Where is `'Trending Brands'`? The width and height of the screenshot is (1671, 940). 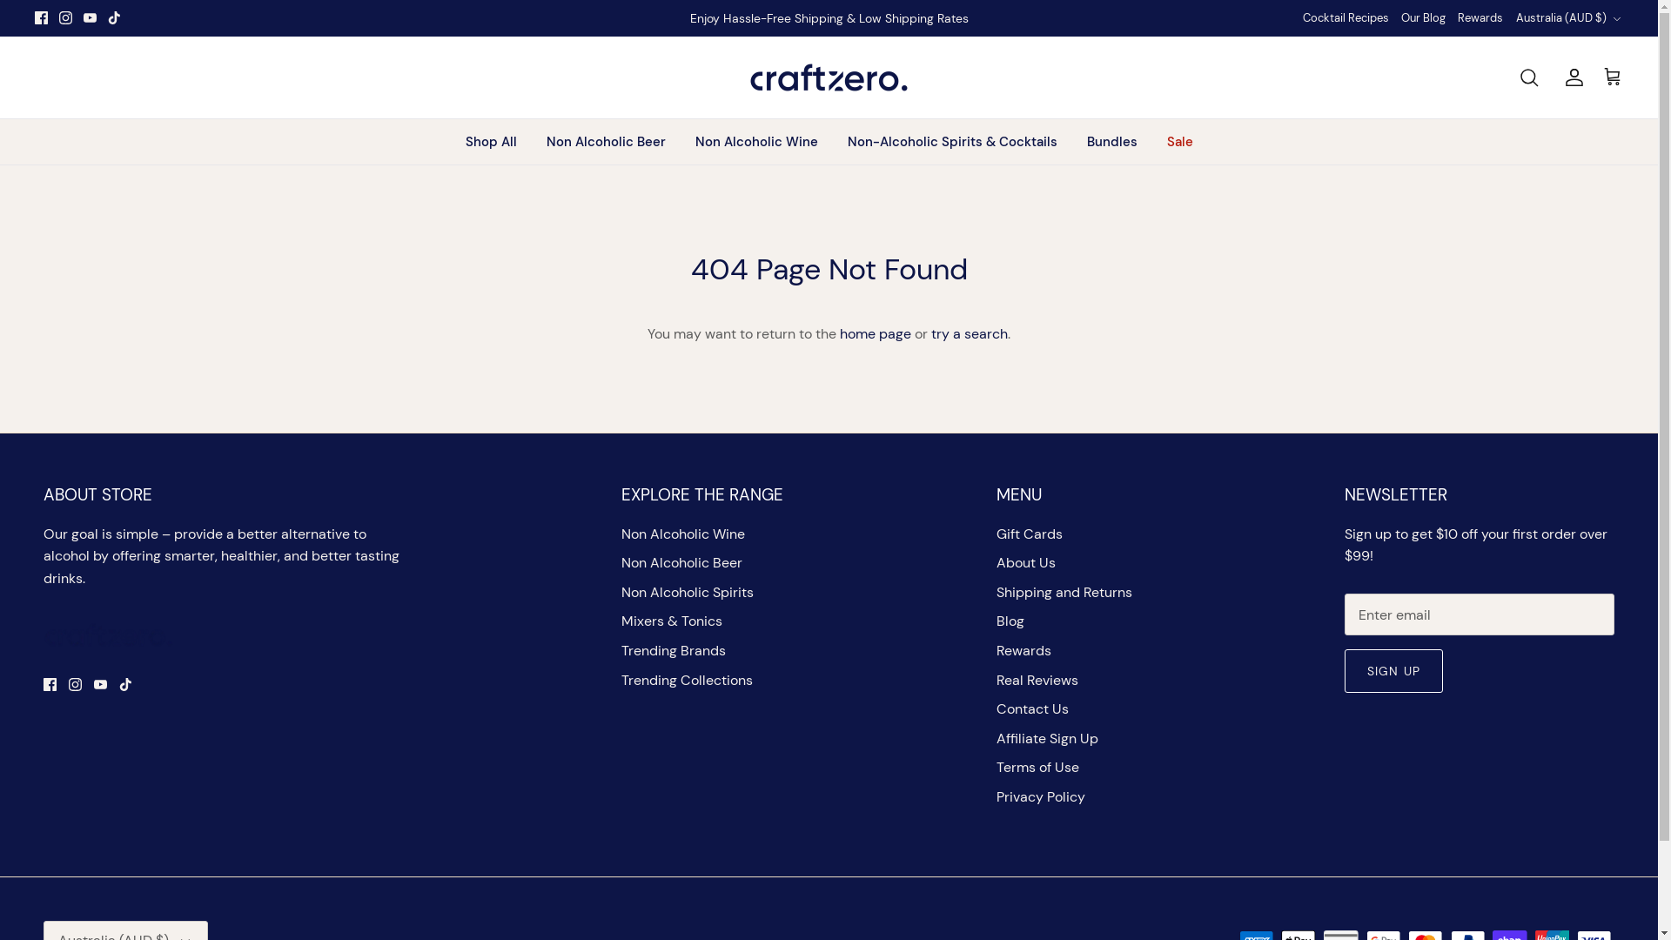 'Trending Brands' is located at coordinates (672, 650).